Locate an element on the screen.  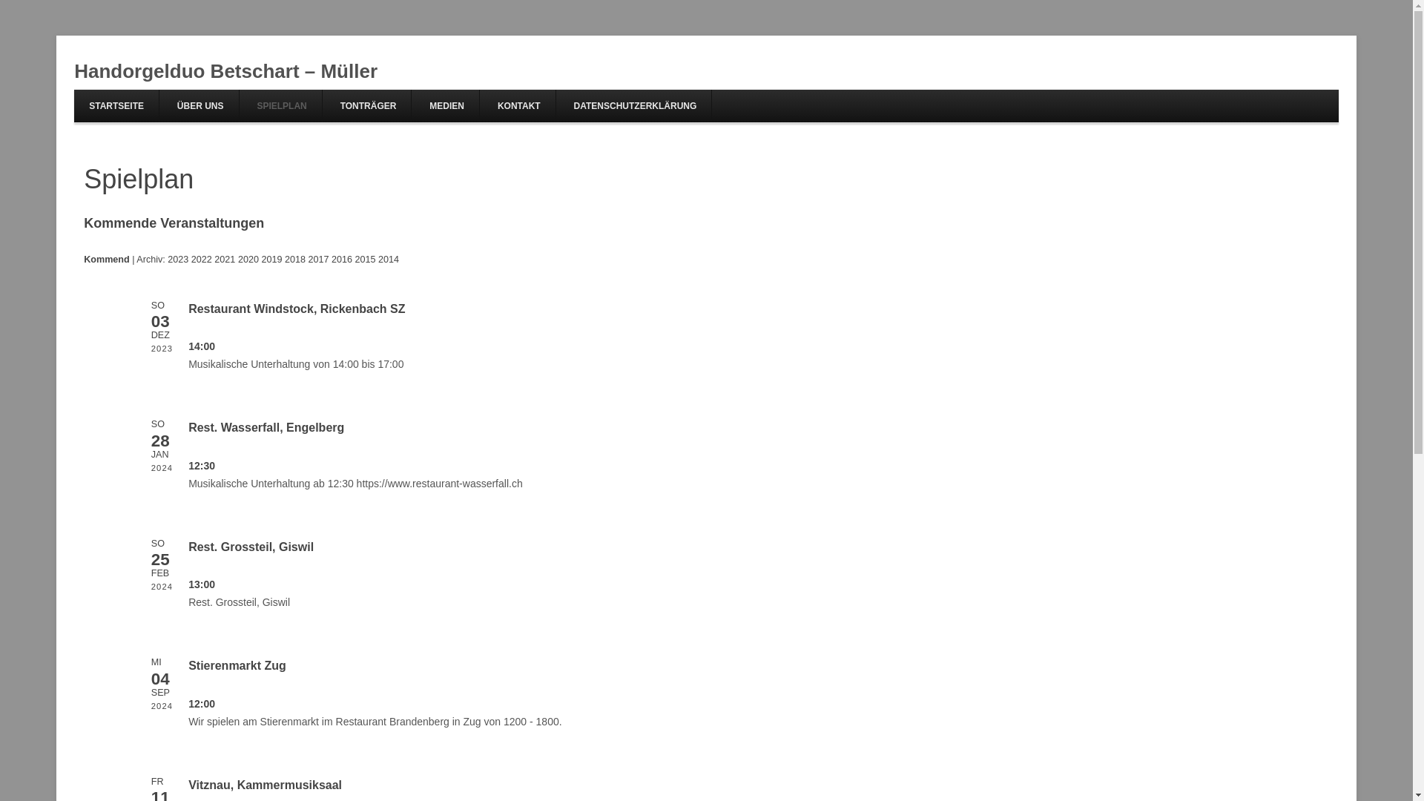
'Vitznau, Kammermusiksaal' is located at coordinates (265, 784).